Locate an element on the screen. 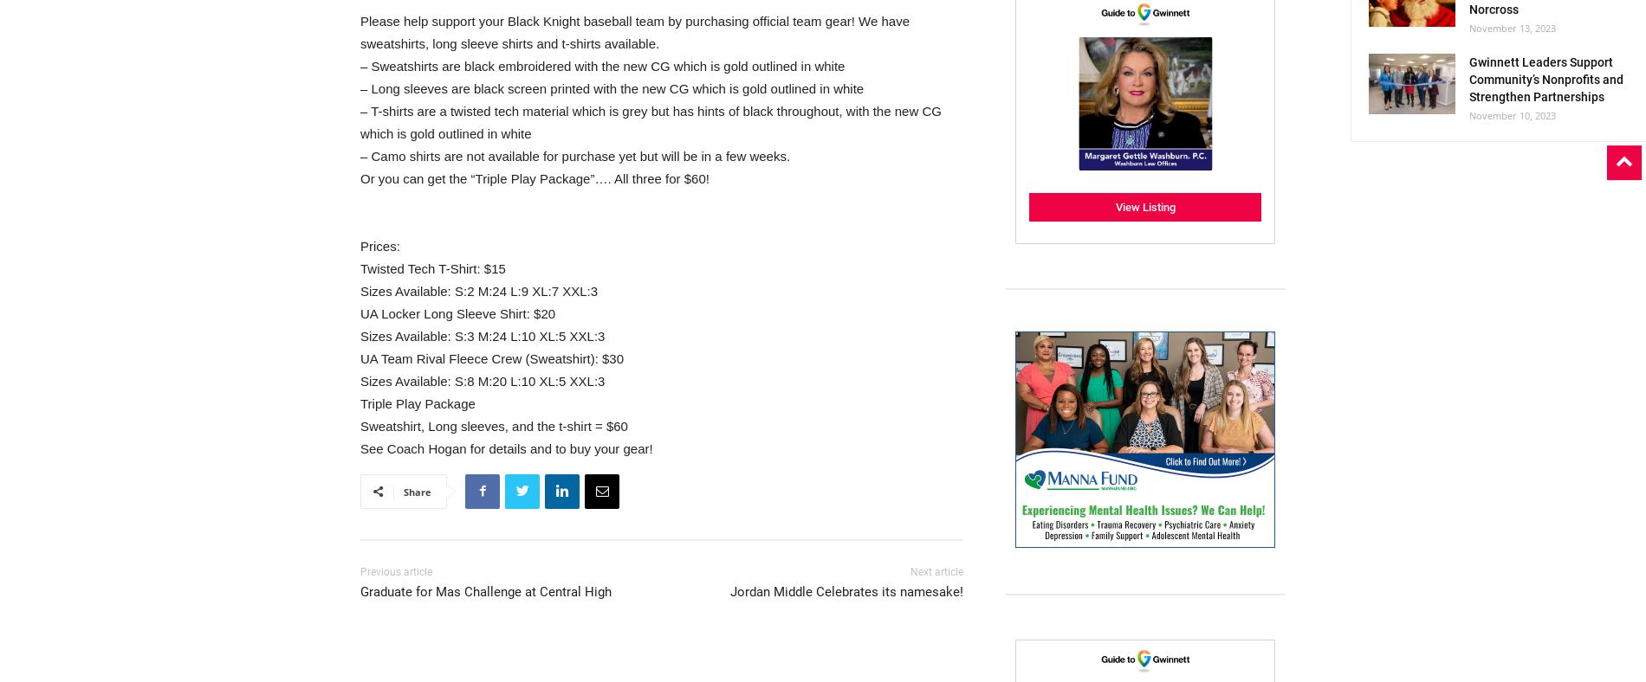 The width and height of the screenshot is (1646, 682). 'UA Team Rival Fleece Crew (Sweatshirt): $30' is located at coordinates (491, 357).